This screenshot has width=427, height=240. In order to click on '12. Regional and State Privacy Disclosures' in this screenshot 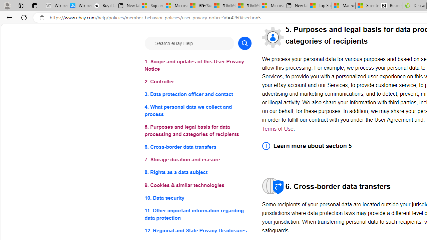, I will do `click(197, 230)`.